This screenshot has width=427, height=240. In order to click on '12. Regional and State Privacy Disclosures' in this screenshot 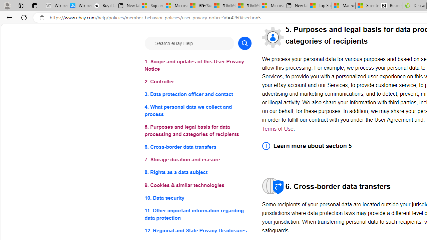, I will do `click(197, 230)`.